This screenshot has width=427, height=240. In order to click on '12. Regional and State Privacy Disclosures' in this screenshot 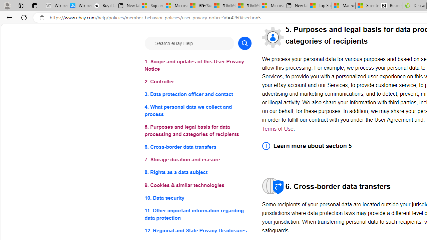, I will do `click(197, 230)`.